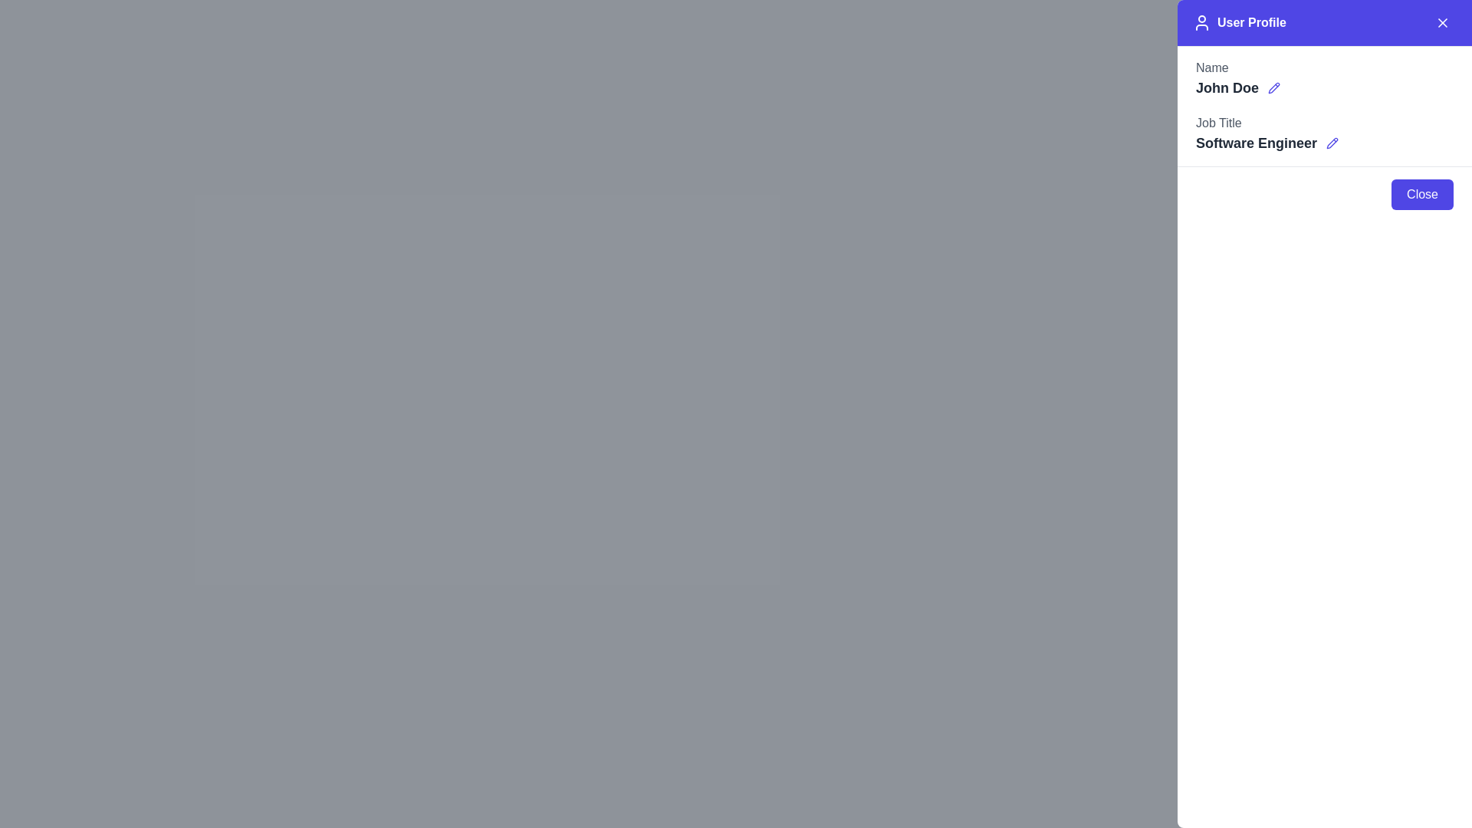 The image size is (1472, 828). What do you see at coordinates (1421, 194) in the screenshot?
I see `the close button located at the bottom-right edge of the modal` at bounding box center [1421, 194].